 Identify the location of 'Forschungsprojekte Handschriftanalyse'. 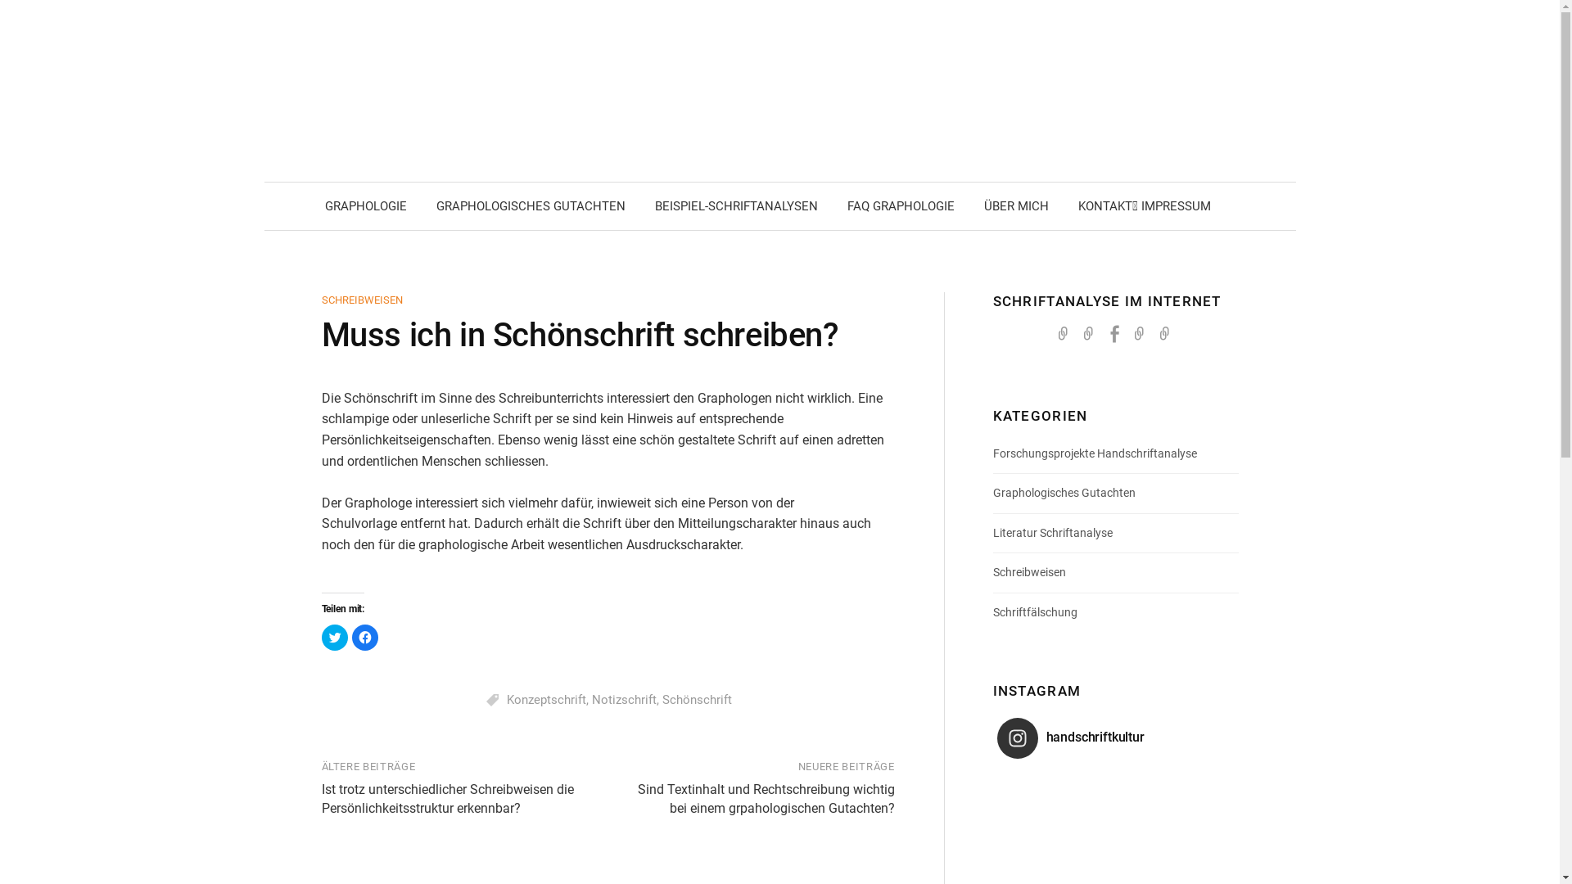
(992, 453).